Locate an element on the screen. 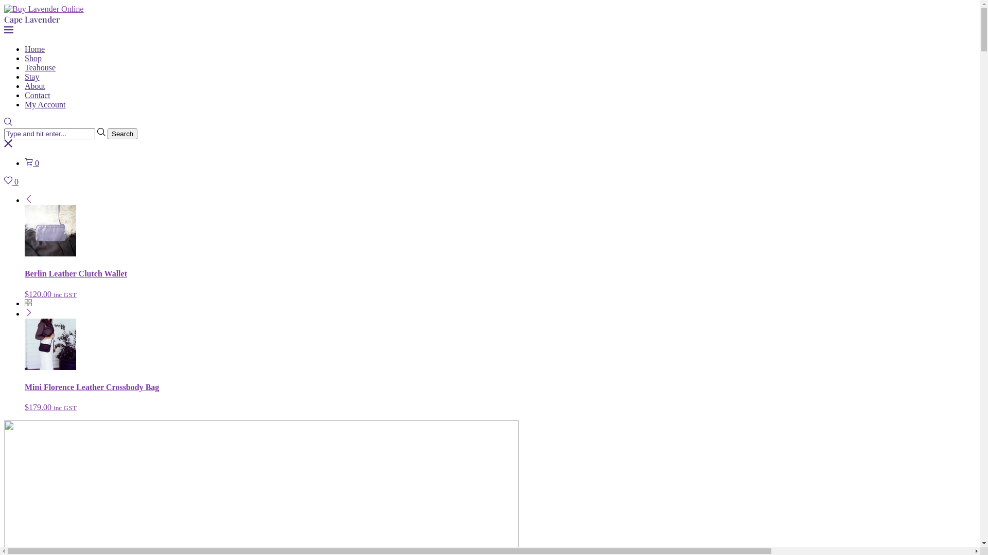  'Berlin Leather Clutch Wallet' is located at coordinates (75, 273).